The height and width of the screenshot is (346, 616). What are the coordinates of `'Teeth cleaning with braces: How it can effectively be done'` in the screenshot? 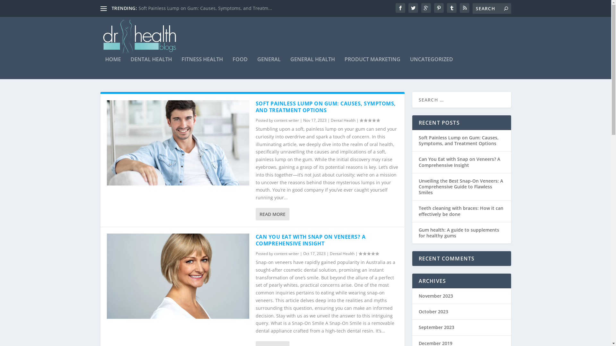 It's located at (460, 211).